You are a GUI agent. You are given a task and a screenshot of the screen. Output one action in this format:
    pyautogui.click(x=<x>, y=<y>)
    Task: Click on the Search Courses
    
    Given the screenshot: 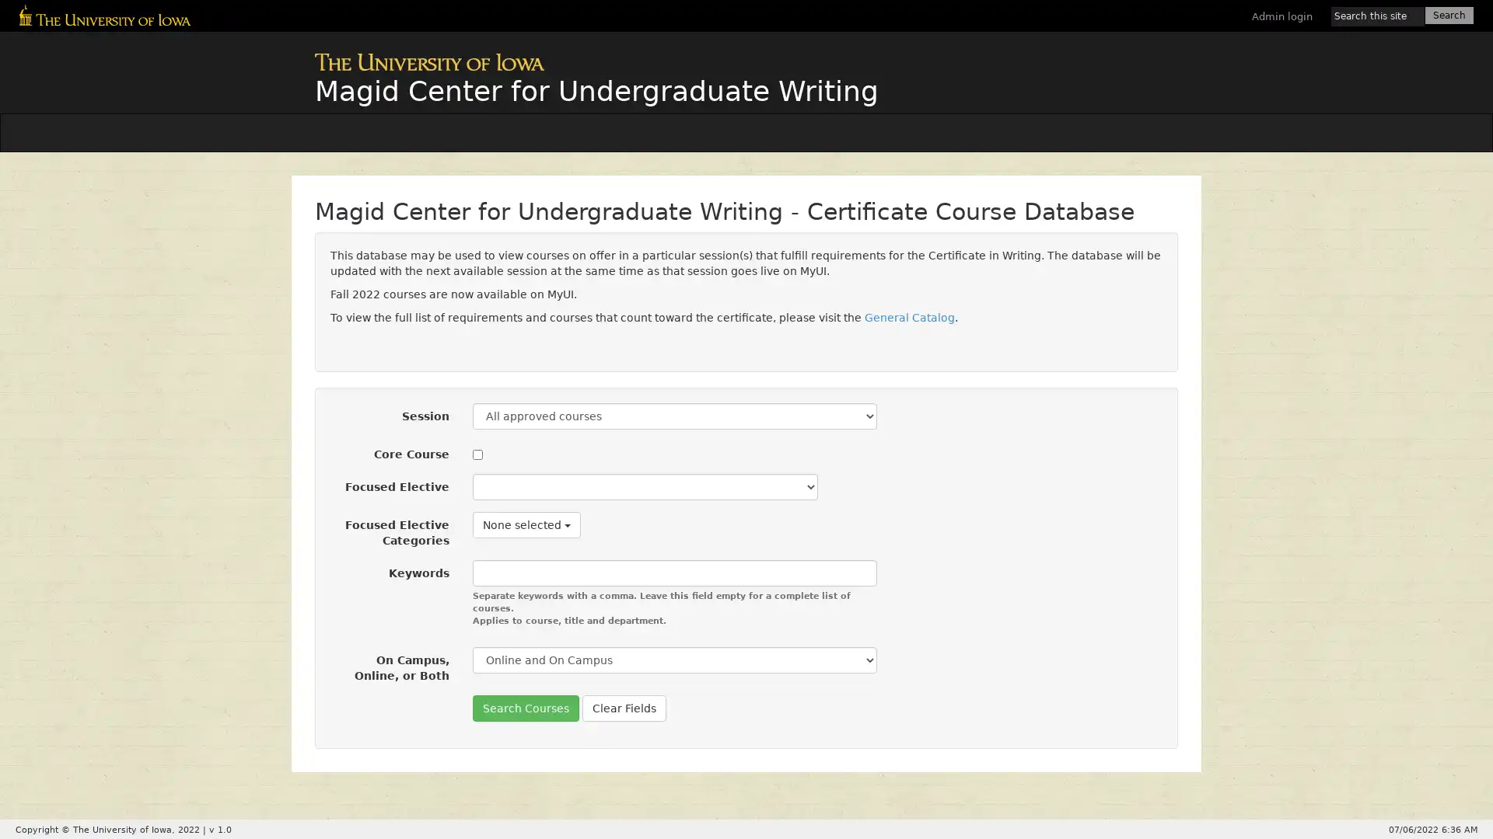 What is the action you would take?
    pyautogui.click(x=526, y=708)
    